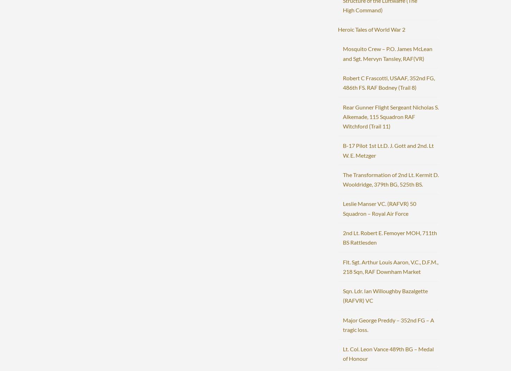  What do you see at coordinates (371, 29) in the screenshot?
I see `'Heroic Tales of World War 2'` at bounding box center [371, 29].